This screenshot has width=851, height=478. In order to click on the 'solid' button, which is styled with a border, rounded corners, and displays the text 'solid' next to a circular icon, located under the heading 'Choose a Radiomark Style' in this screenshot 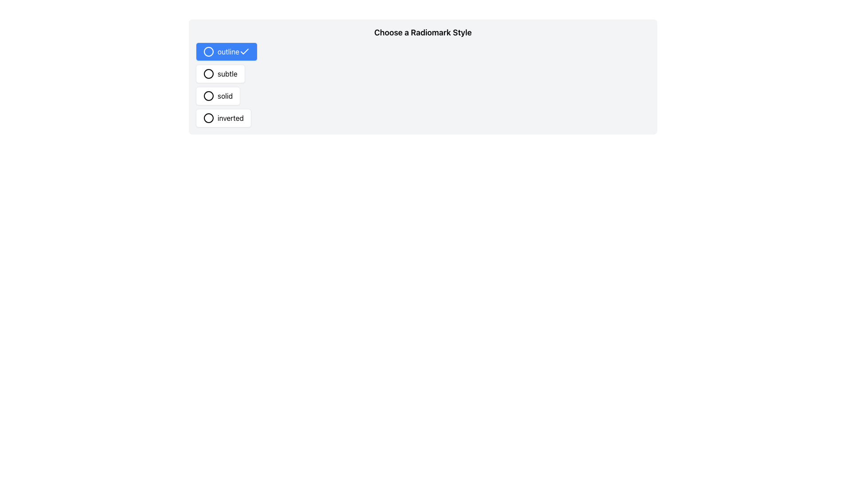, I will do `click(218, 96)`.